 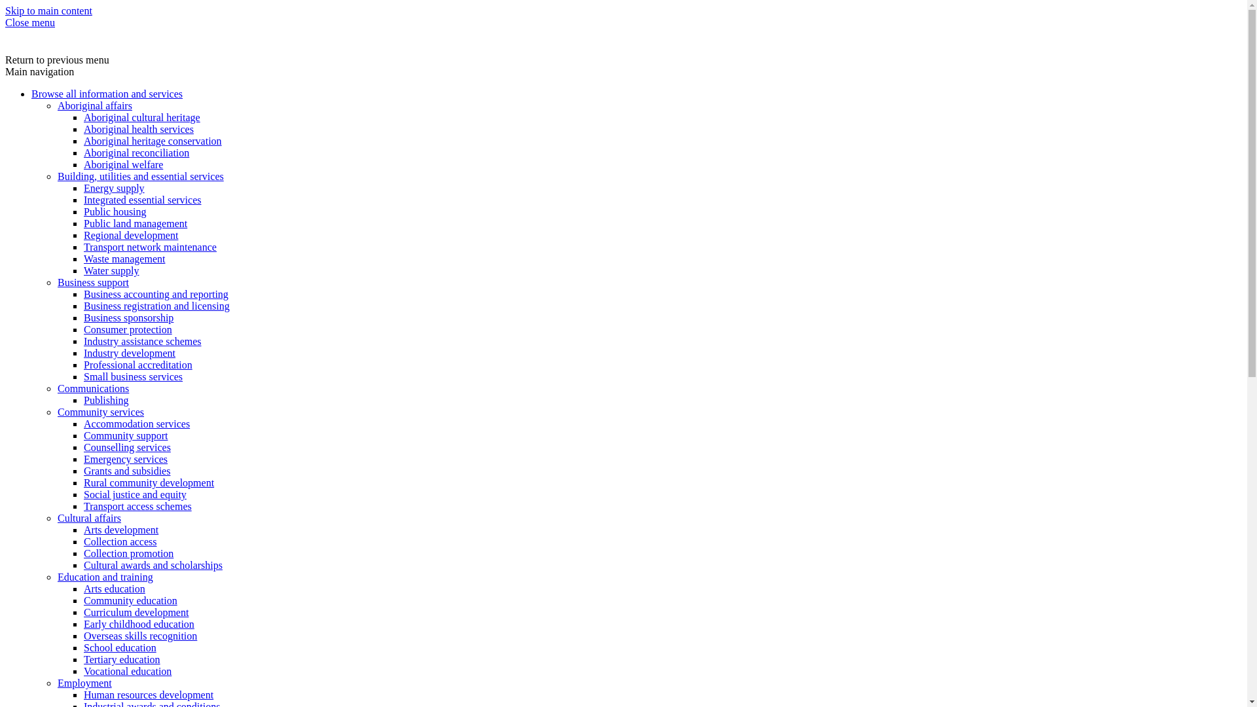 What do you see at coordinates (92, 388) in the screenshot?
I see `'Communications'` at bounding box center [92, 388].